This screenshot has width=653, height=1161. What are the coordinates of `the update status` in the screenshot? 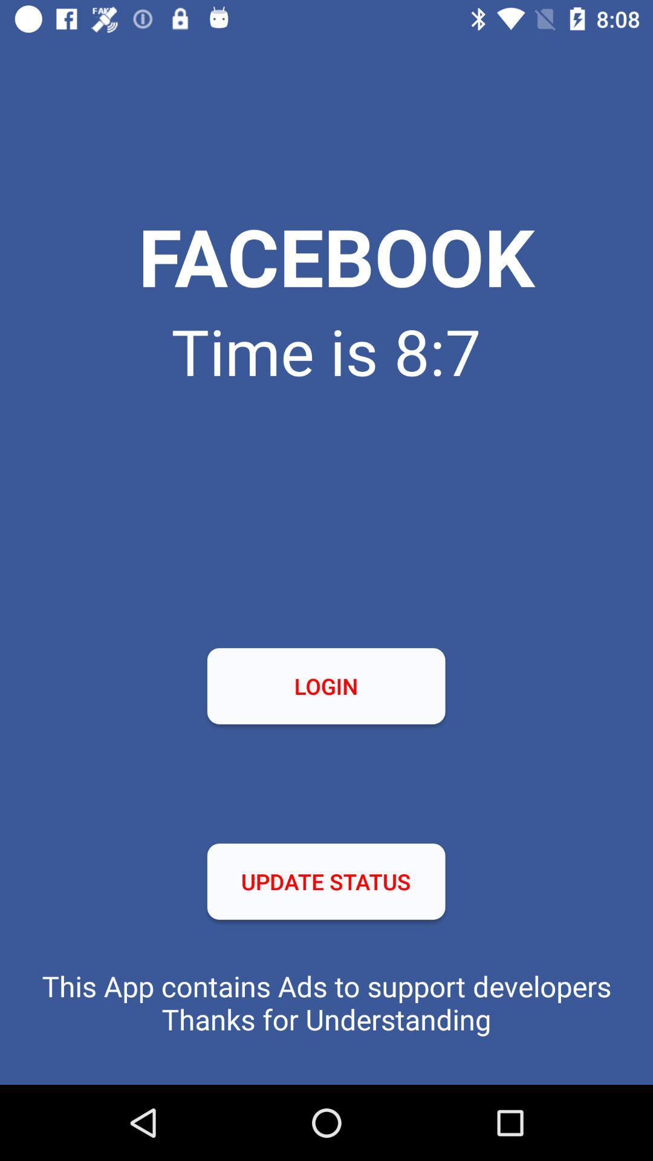 It's located at (325, 882).